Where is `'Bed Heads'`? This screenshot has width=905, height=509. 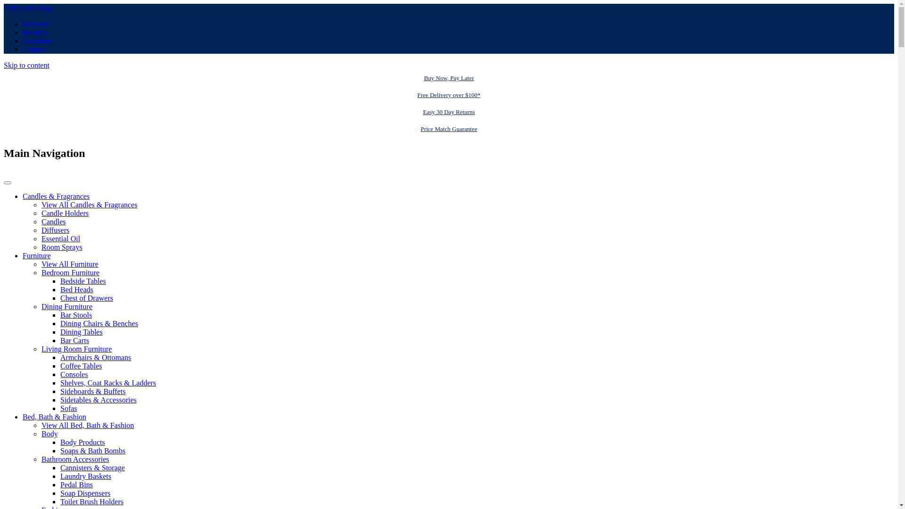
'Bed Heads' is located at coordinates (60, 289).